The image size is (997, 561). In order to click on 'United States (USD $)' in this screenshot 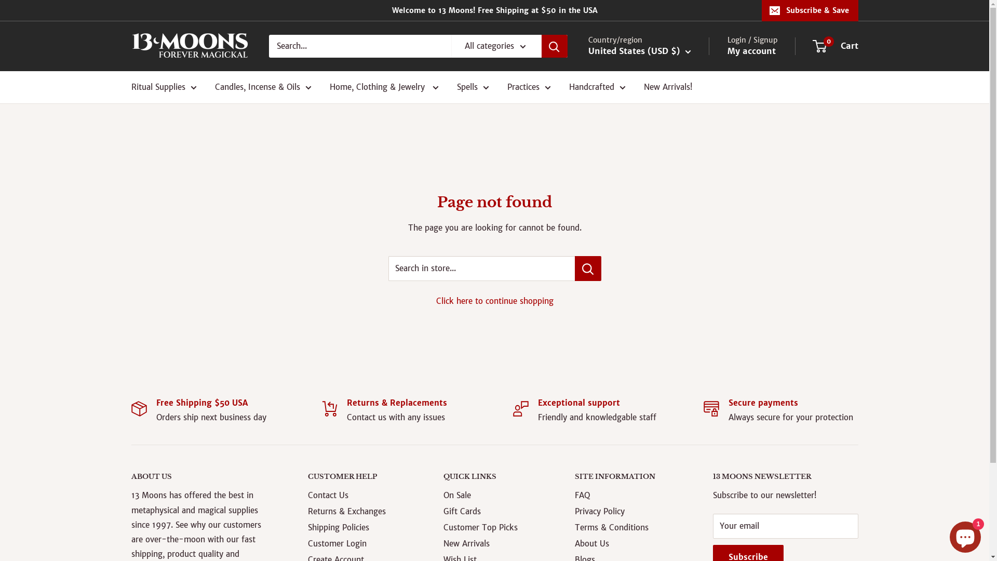, I will do `click(588, 51)`.